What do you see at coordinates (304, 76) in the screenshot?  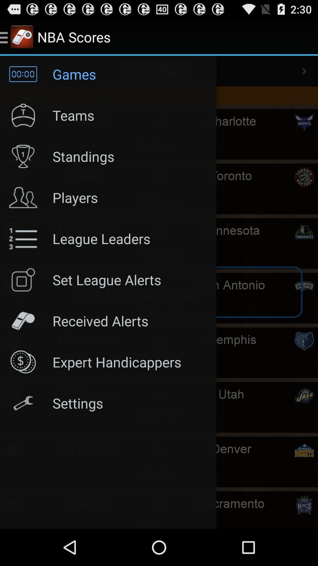 I see `the arrow_forward icon` at bounding box center [304, 76].